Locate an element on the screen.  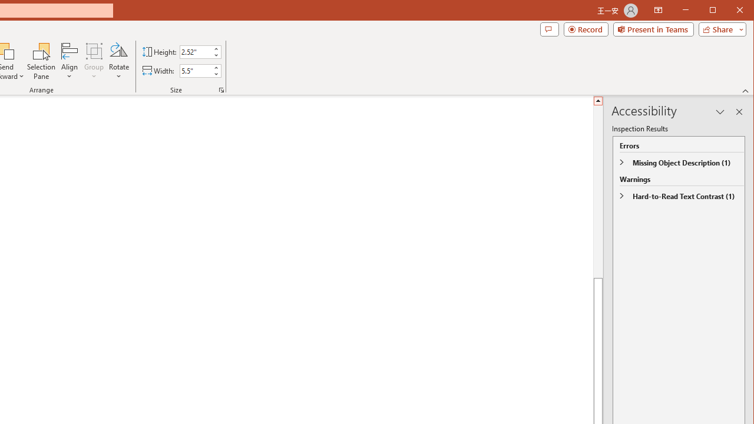
'More' is located at coordinates (216, 68).